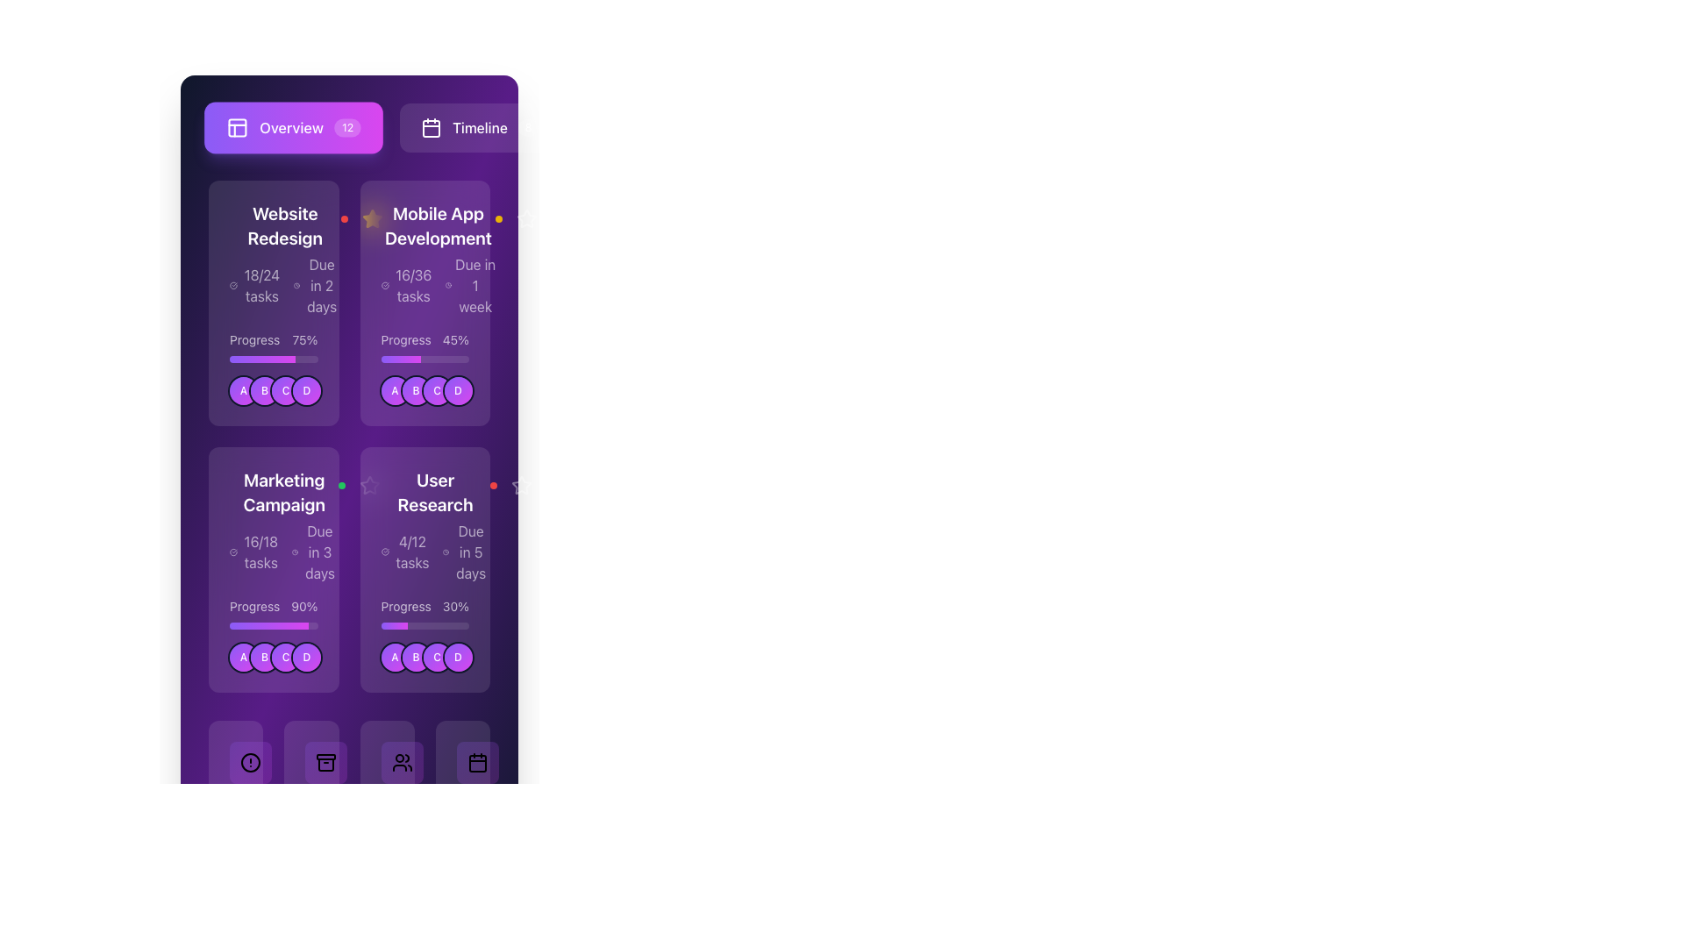 The width and height of the screenshot is (1684, 947). What do you see at coordinates (260, 285) in the screenshot?
I see `the text label displaying '18/24 tasks' located in the top-left section of the 'Website Redesign' card, which is visually associated with a circular icon to the left` at bounding box center [260, 285].